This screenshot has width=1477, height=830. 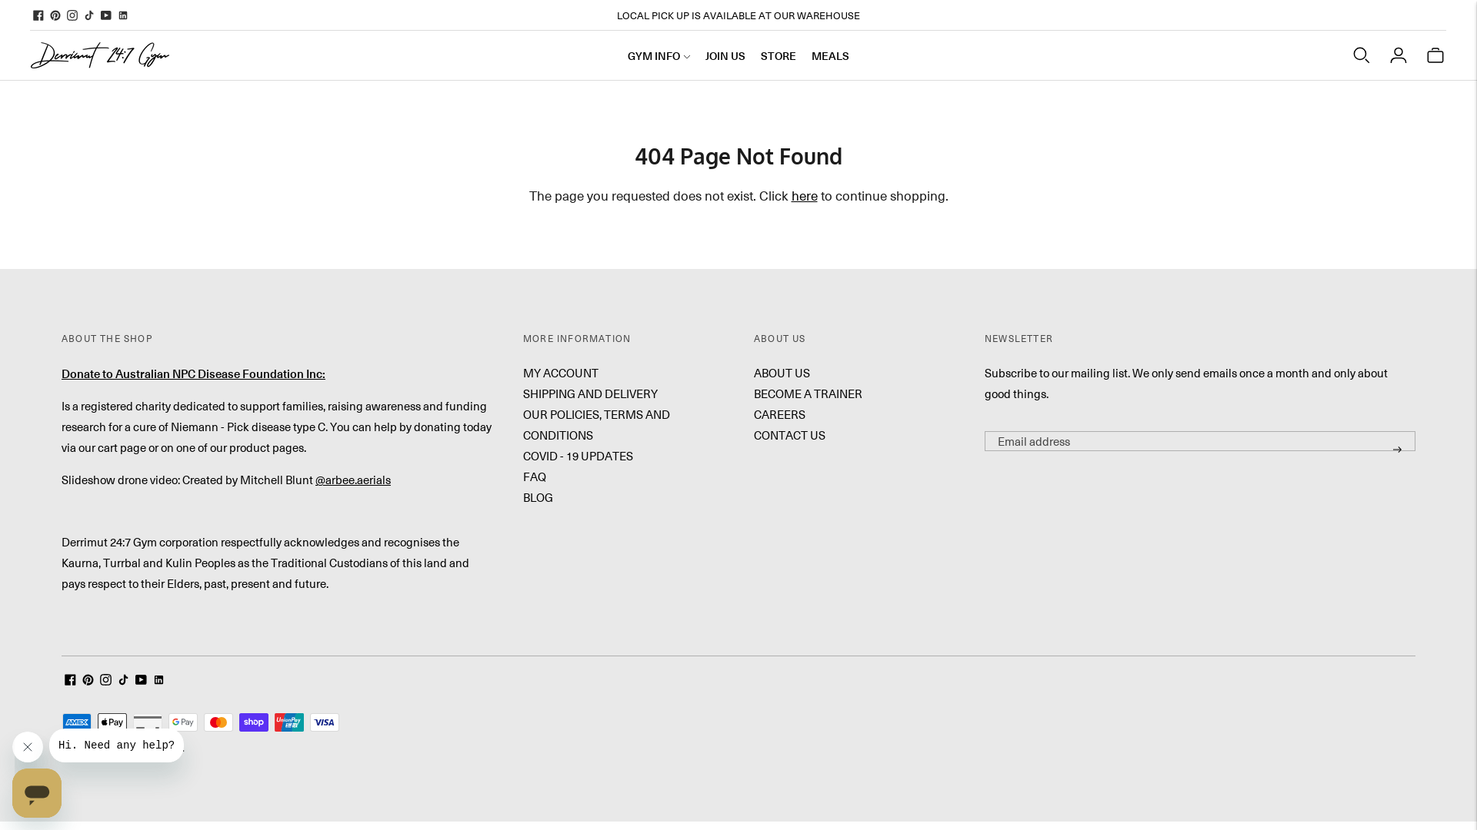 What do you see at coordinates (1397, 450) in the screenshot?
I see `'Subscribe'` at bounding box center [1397, 450].